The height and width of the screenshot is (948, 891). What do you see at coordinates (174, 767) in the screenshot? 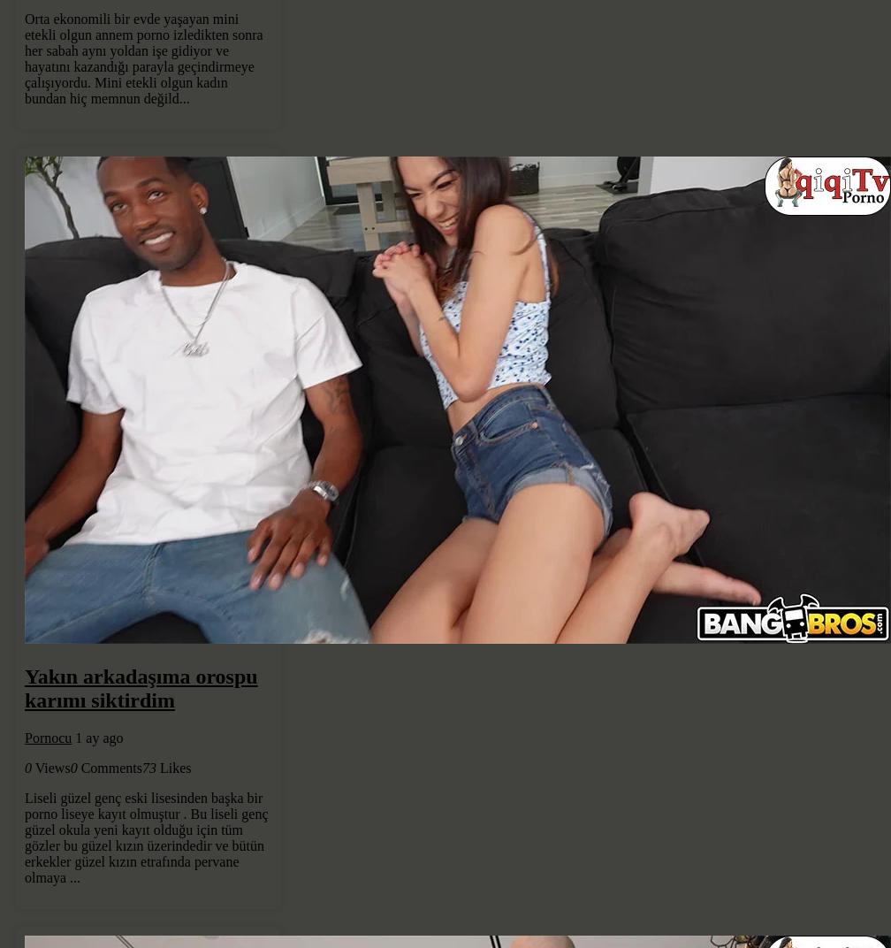
I see `'Likes'` at bounding box center [174, 767].